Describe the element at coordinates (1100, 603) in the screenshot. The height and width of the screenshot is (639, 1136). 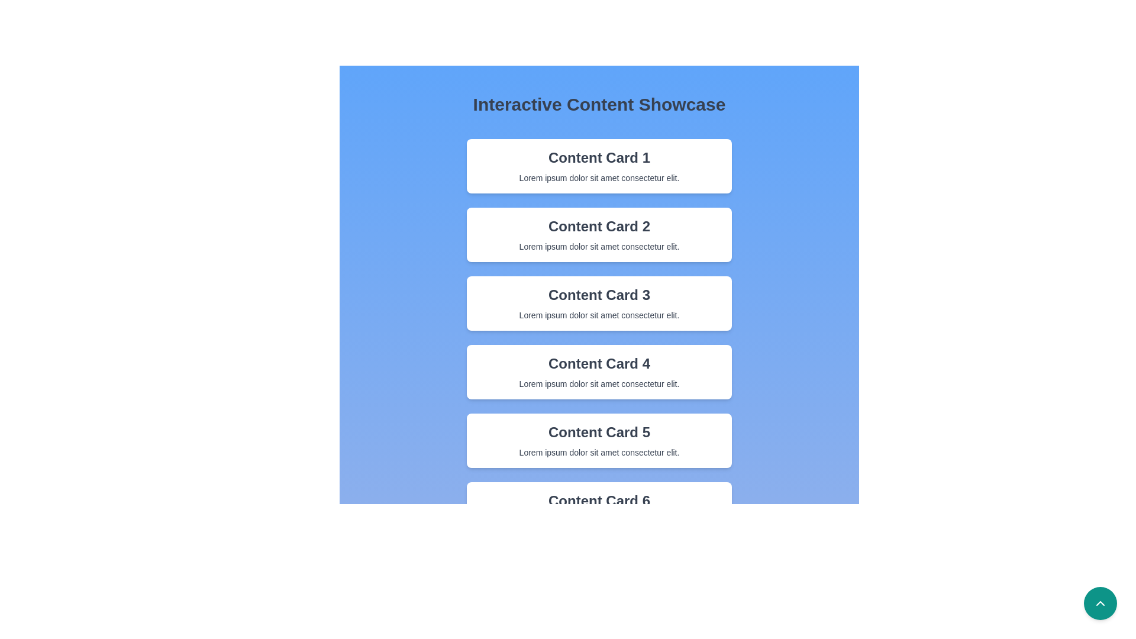
I see `the SVG chevron icon located at the bottom-right of the interface, which functions as an indicator for navigating upwards` at that location.